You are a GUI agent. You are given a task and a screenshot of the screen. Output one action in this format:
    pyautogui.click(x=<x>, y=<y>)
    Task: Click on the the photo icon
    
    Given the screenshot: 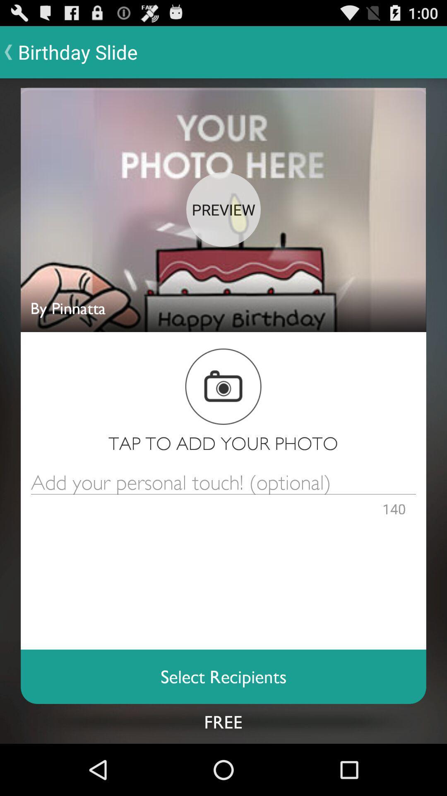 What is the action you would take?
    pyautogui.click(x=223, y=414)
    